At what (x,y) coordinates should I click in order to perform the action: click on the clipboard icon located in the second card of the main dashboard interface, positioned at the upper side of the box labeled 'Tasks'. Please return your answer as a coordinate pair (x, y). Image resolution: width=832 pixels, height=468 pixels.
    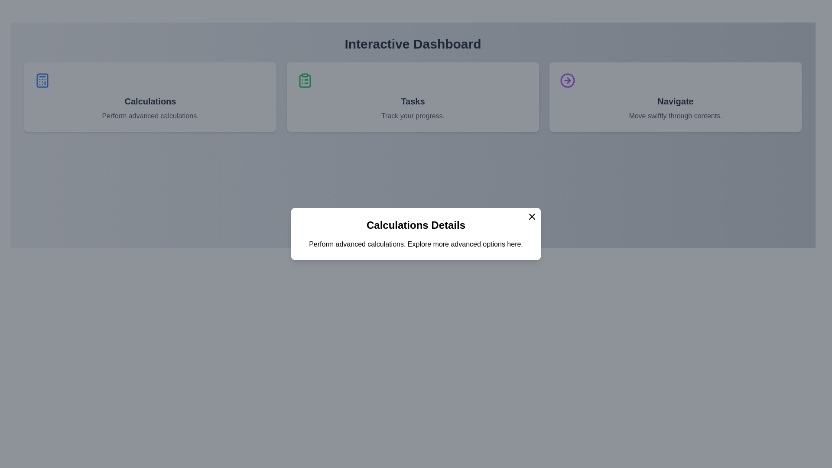
    Looking at the image, I should click on (305, 81).